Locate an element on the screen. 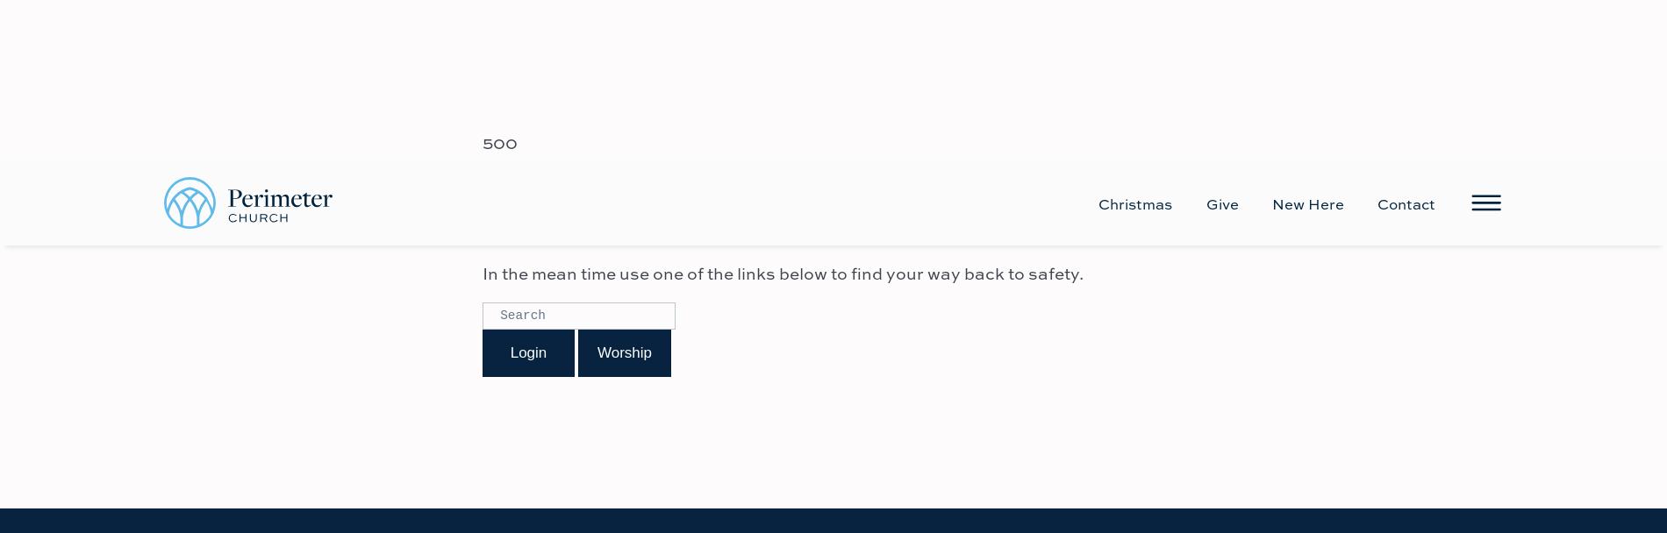  'Employment' is located at coordinates (1049, 478).